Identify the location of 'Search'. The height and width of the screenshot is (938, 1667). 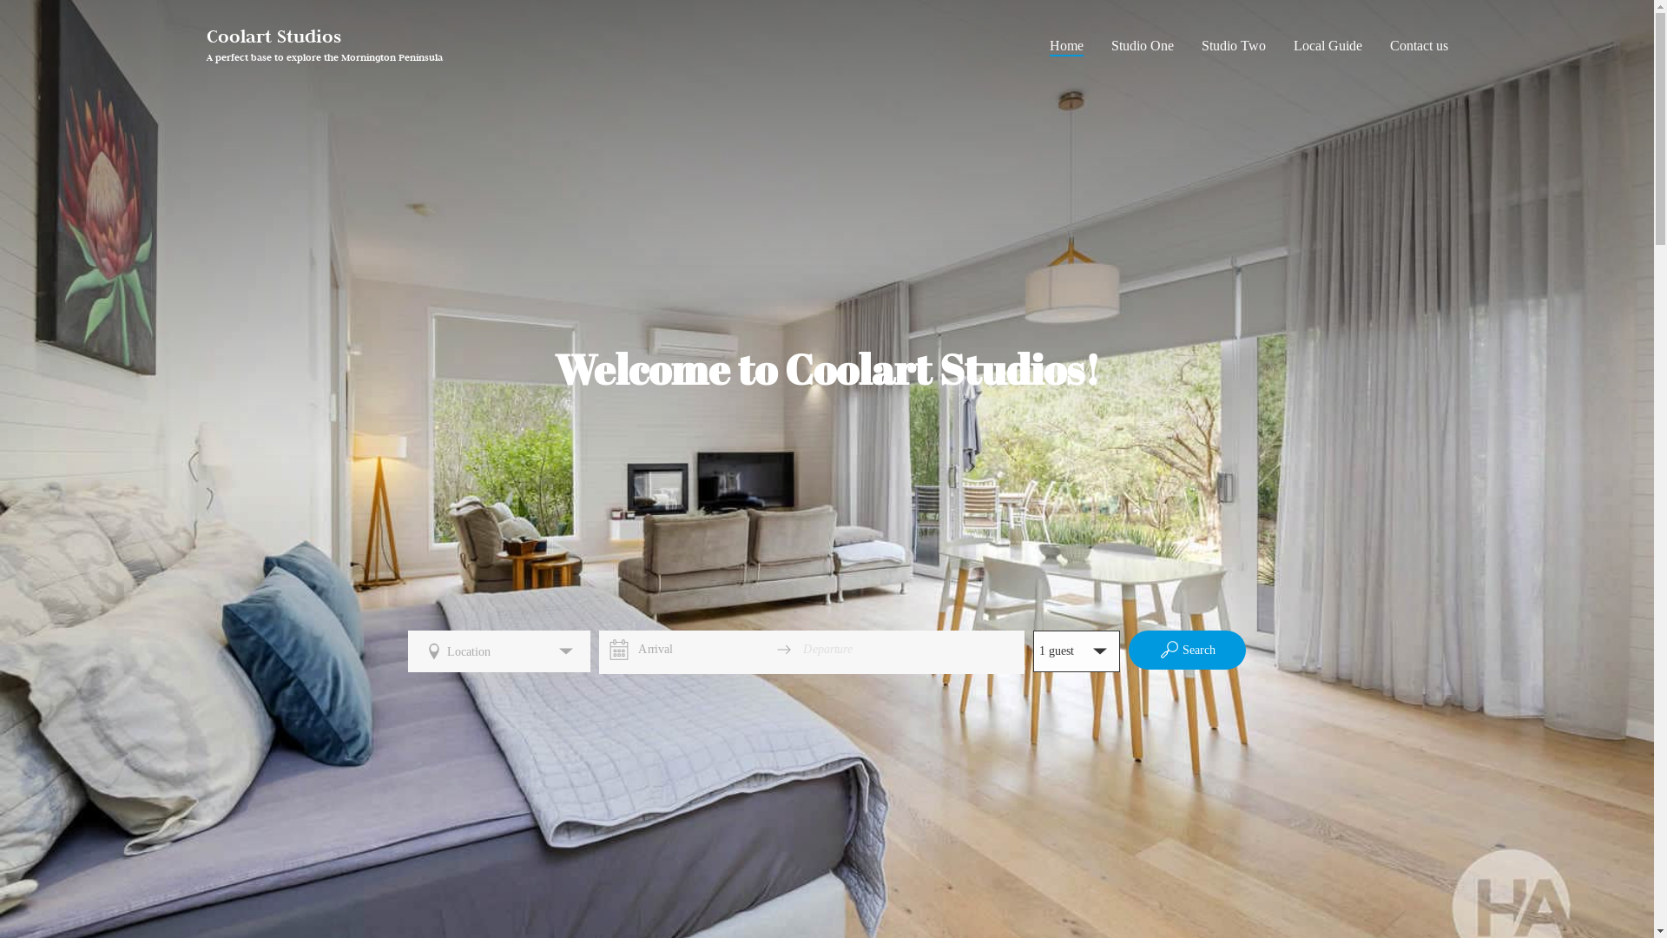
(1187, 650).